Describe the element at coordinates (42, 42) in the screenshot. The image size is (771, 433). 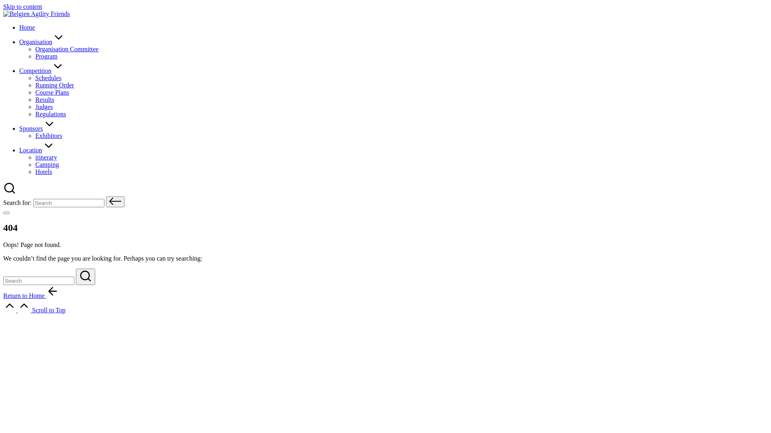
I see `'Organisation'` at that location.